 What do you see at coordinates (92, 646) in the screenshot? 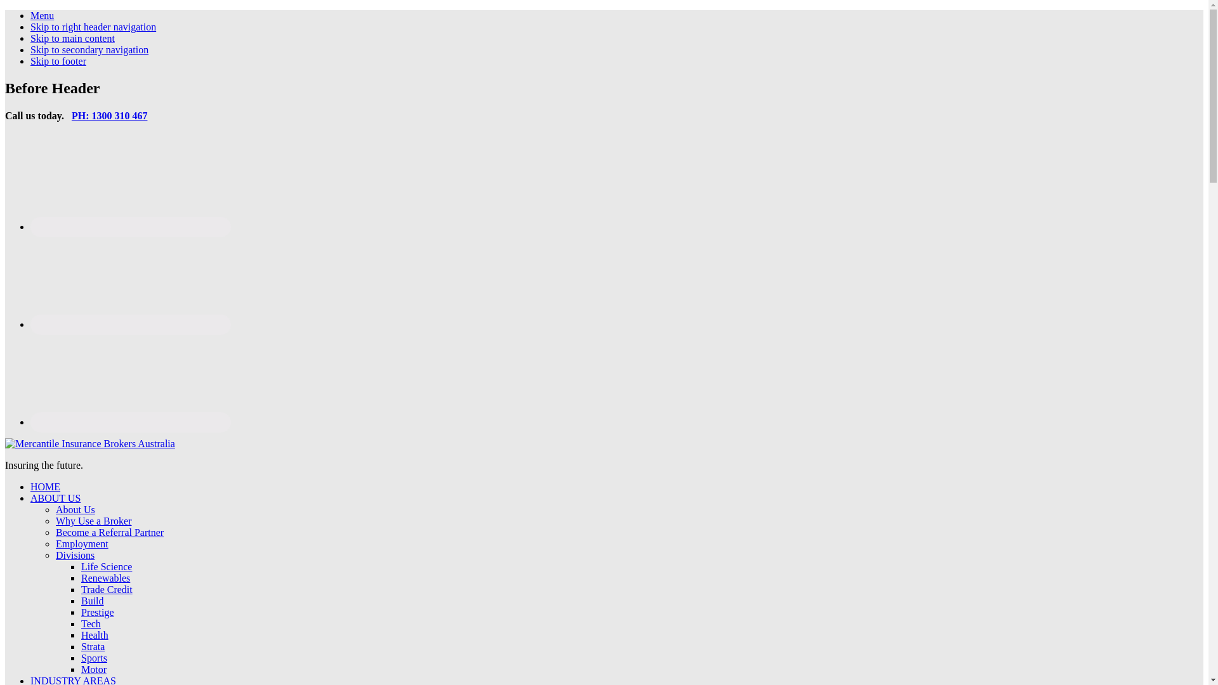
I see `'Strata'` at bounding box center [92, 646].